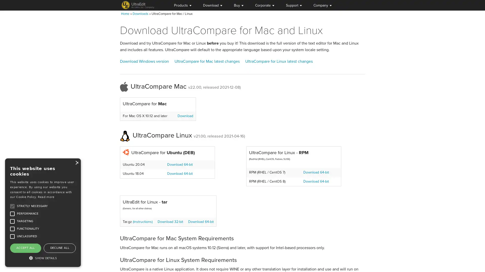 This screenshot has height=272, width=485. I want to click on DECLINE ALL, so click(59, 248).